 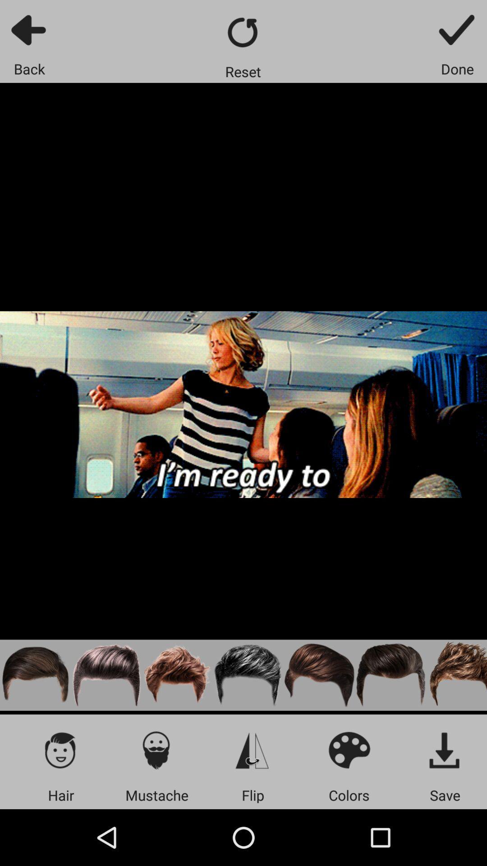 I want to click on the app above the flip, so click(x=253, y=750).